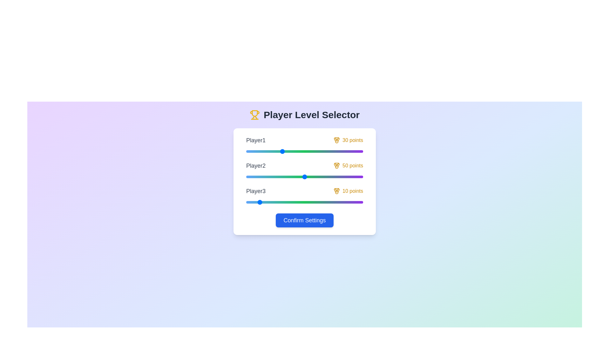 The width and height of the screenshot is (610, 343). What do you see at coordinates (257, 202) in the screenshot?
I see `the slider for Player3 to set their level to 9` at bounding box center [257, 202].